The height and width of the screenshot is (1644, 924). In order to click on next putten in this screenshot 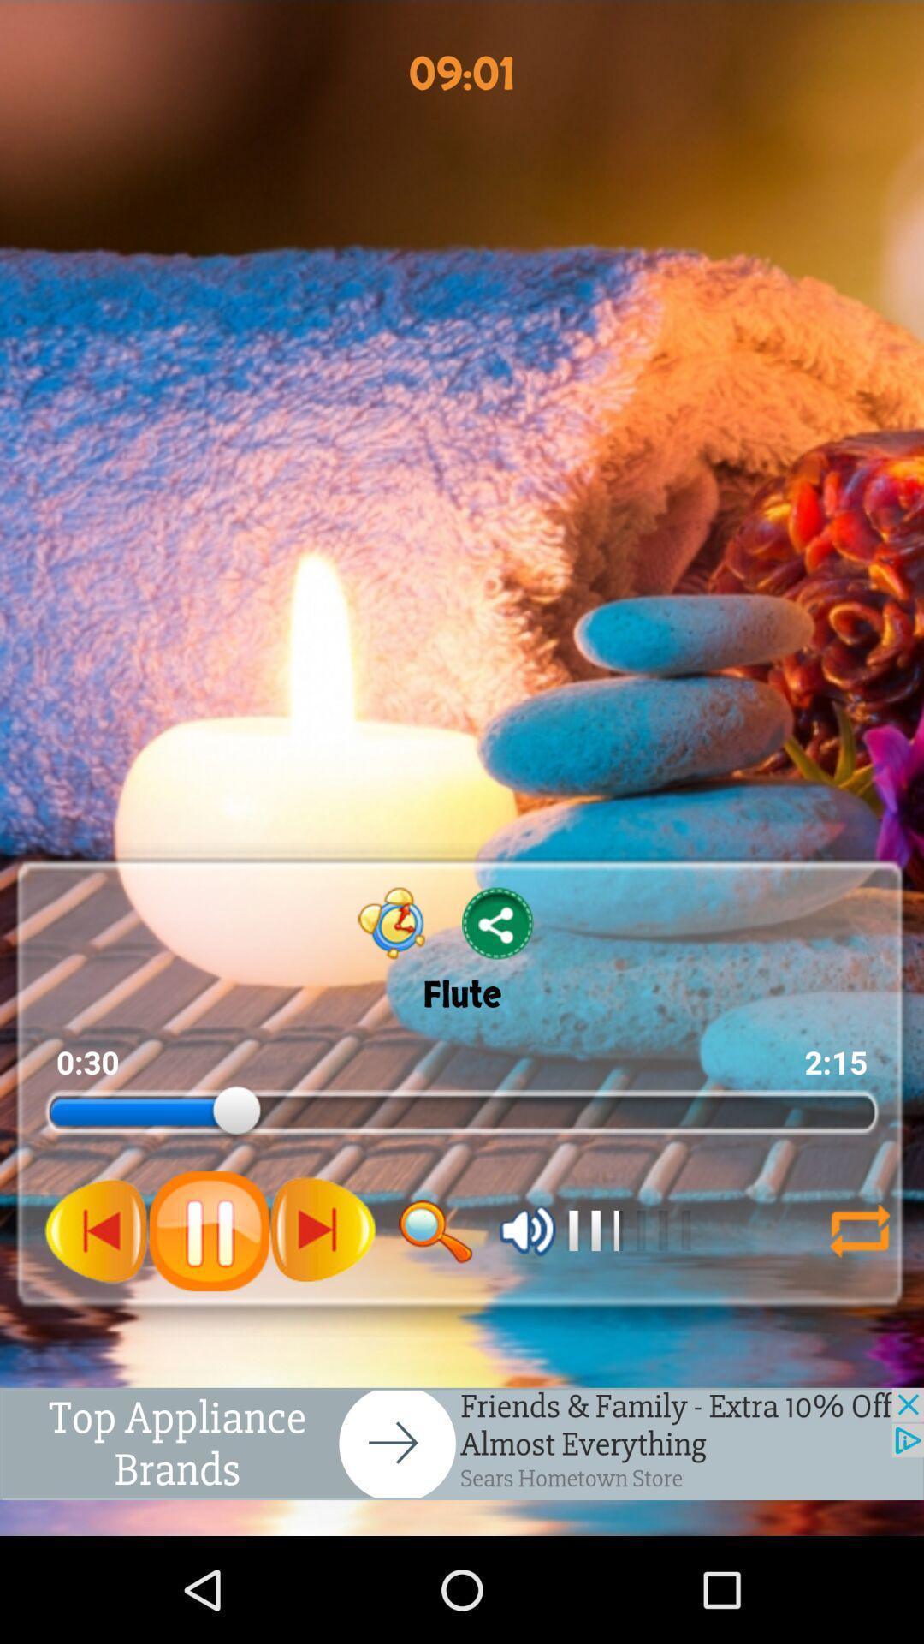, I will do `click(323, 1230)`.